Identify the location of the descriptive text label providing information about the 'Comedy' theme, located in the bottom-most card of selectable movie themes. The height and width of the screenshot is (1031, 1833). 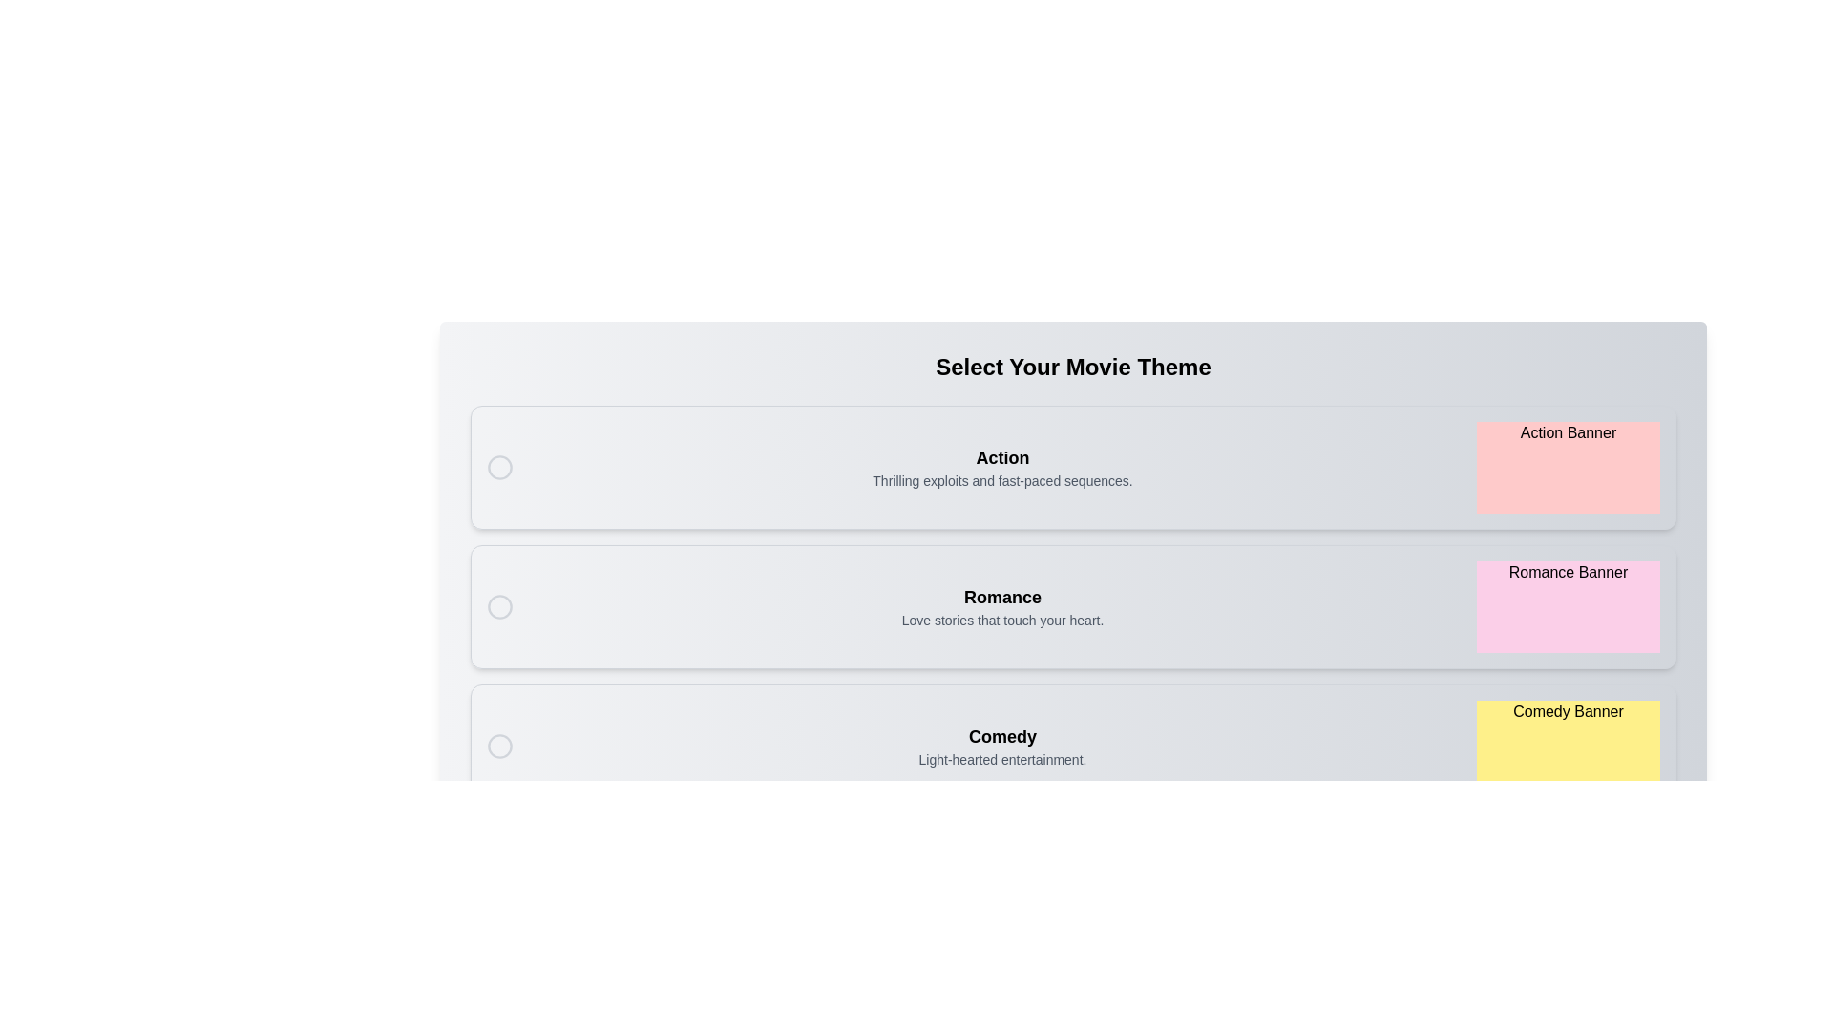
(1001, 758).